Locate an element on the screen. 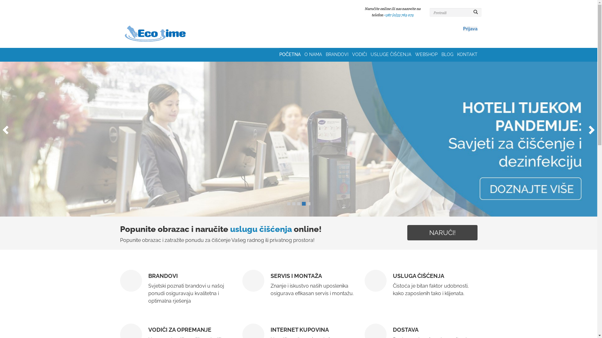 The height and width of the screenshot is (338, 602). 'O NAMA' is located at coordinates (314, 54).